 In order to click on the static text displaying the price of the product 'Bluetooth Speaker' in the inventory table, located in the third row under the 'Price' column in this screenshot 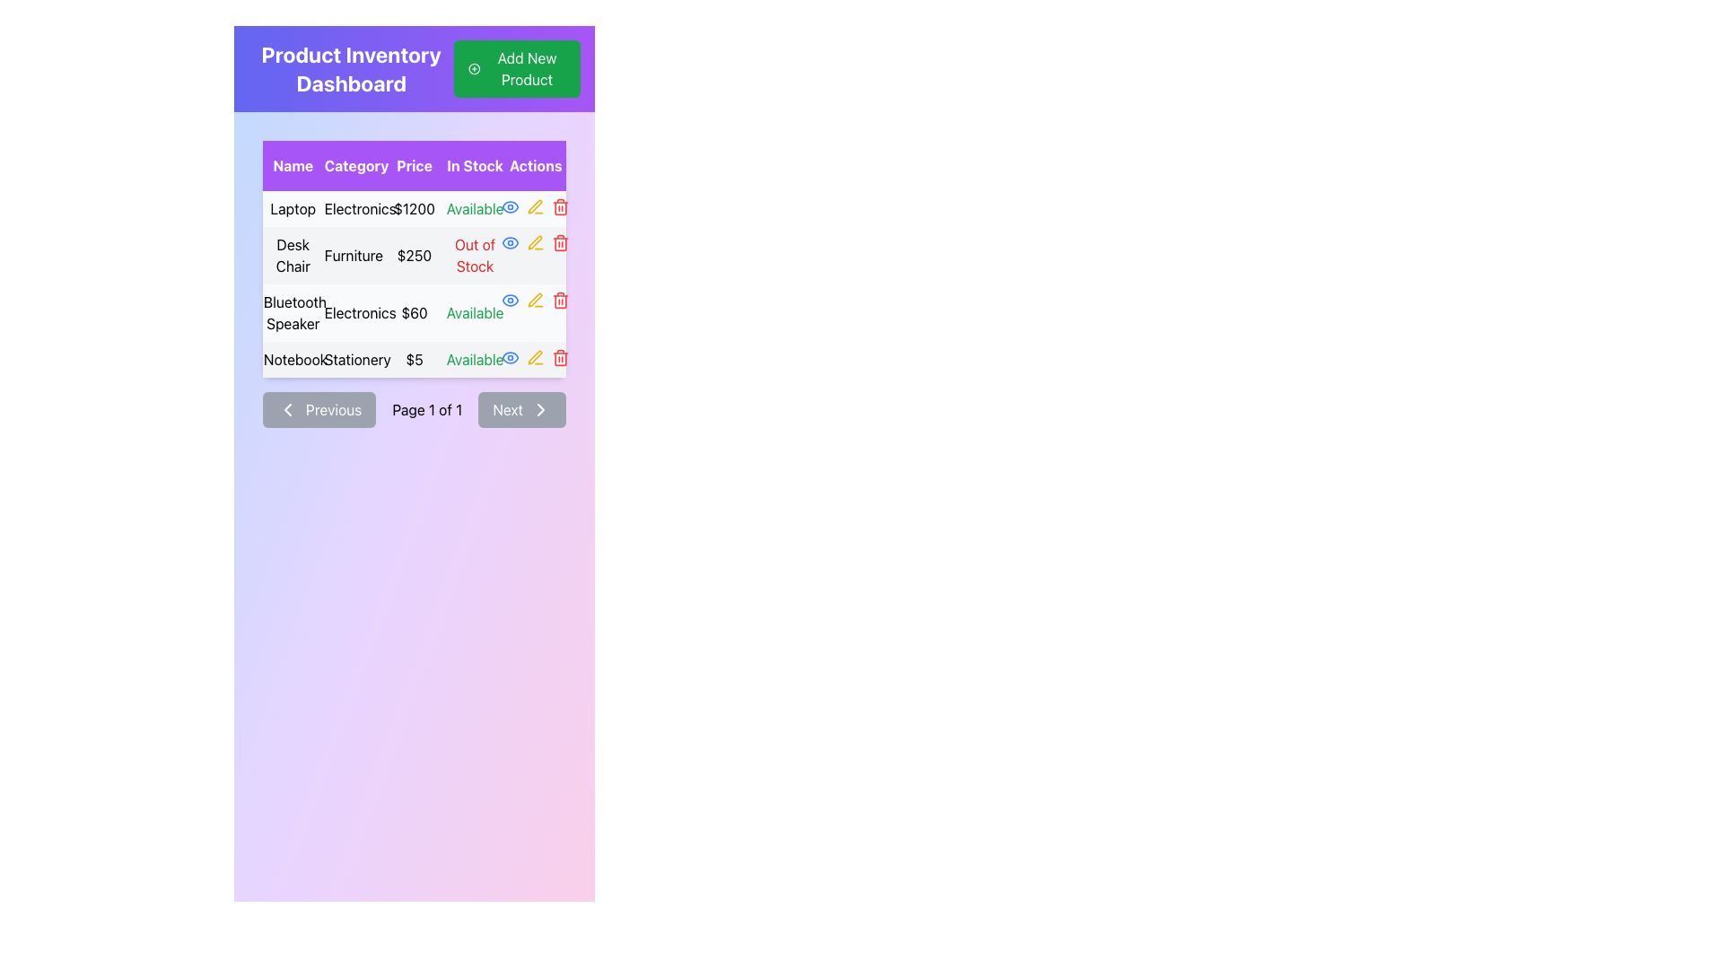, I will do `click(413, 311)`.